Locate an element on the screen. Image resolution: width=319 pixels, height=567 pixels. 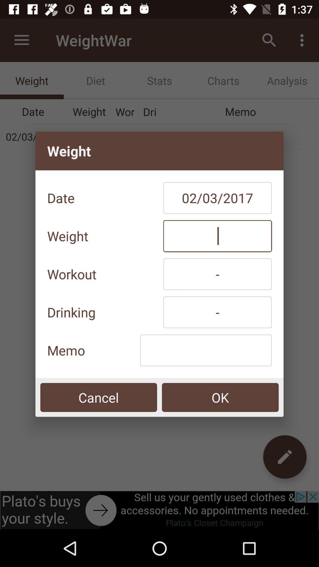
icon to the right of the date is located at coordinates (217, 198).